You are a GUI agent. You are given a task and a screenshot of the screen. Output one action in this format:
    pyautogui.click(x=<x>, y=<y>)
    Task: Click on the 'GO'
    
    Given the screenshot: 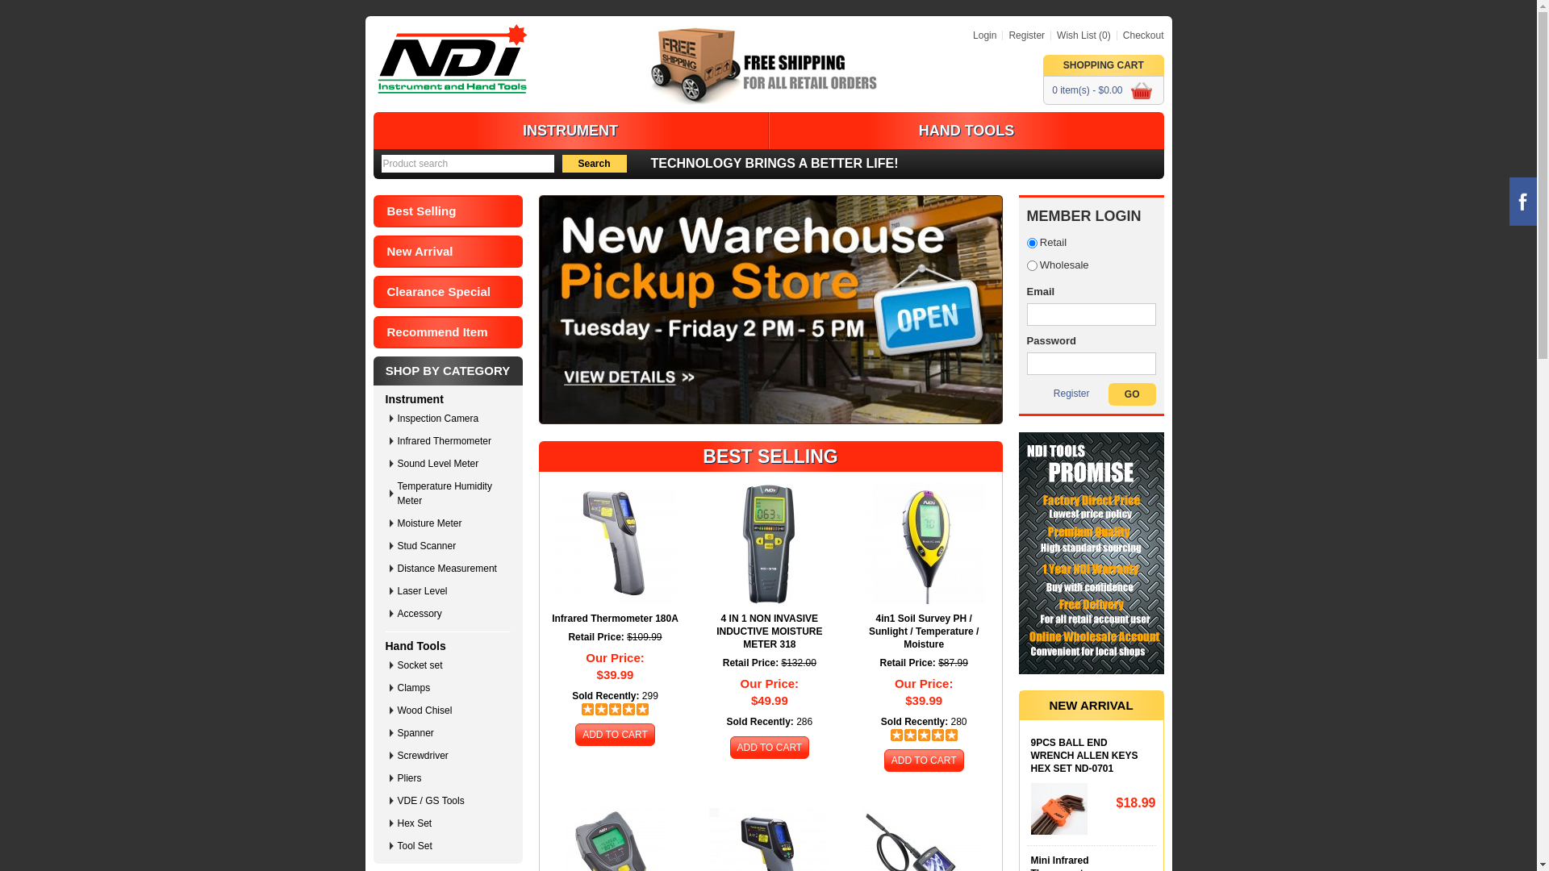 What is the action you would take?
    pyautogui.click(x=1131, y=394)
    